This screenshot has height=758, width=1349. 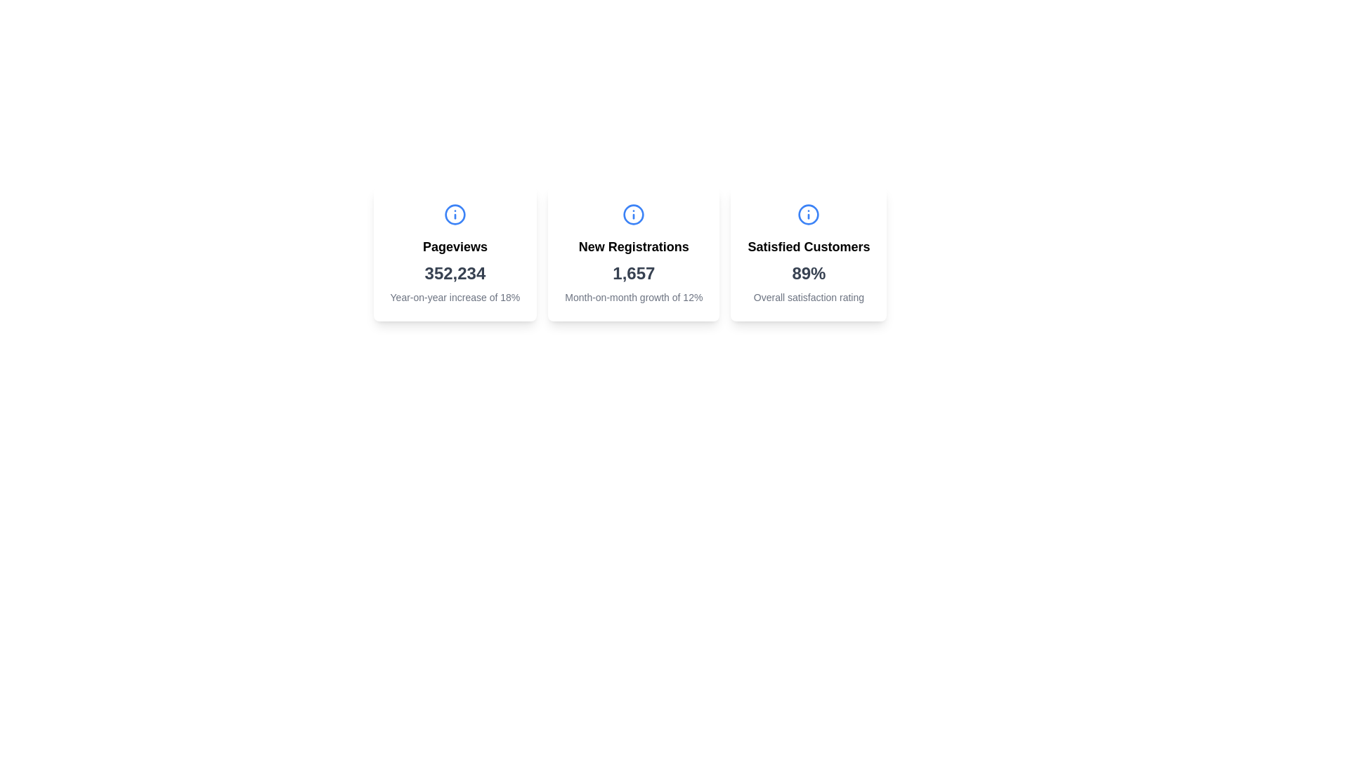 I want to click on text label displaying 'Pageviews' which is centrally located above numerical data and styled in bold font, so click(x=455, y=246).